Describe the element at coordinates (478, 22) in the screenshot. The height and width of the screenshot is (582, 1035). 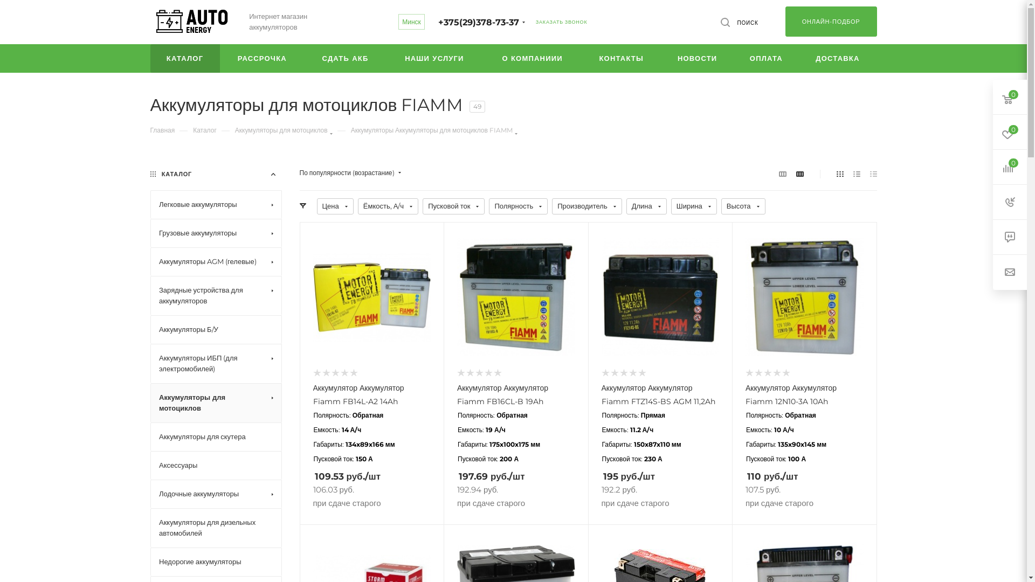
I see `'+375(29)378-73-37'` at that location.